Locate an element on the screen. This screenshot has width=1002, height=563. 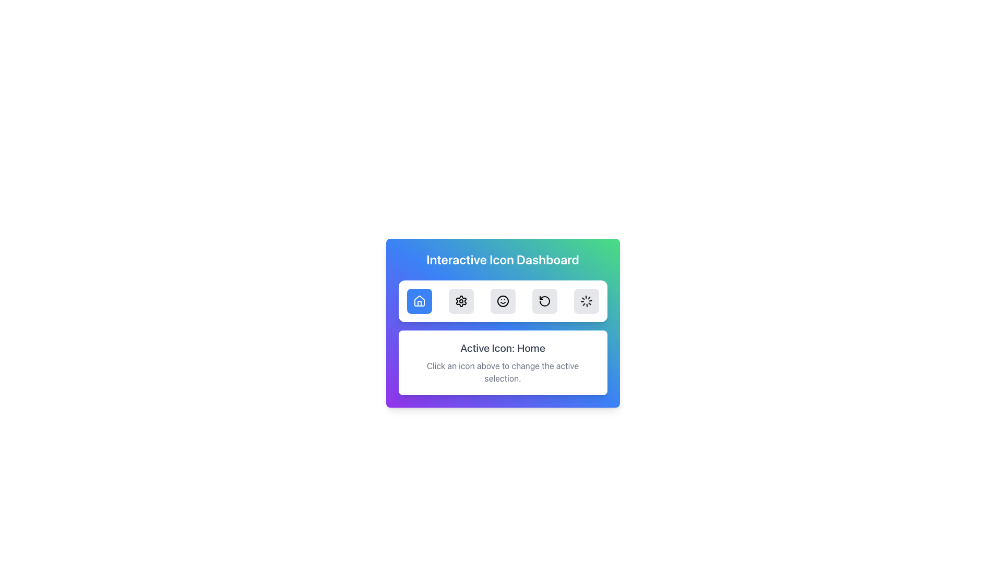
the leftmost button in the horizontally aligned list within the 'Interactive Icon Dashboard' for accessibility purposes is located at coordinates (419, 301).